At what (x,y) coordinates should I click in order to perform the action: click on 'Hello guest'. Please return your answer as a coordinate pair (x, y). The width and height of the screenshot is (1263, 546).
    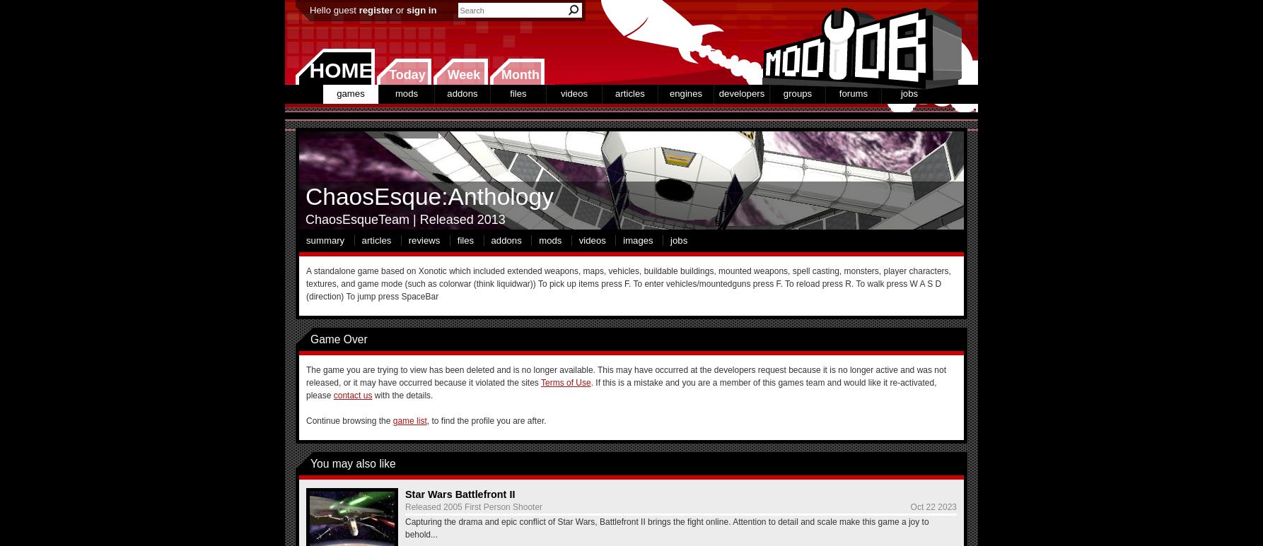
    Looking at the image, I should click on (333, 10).